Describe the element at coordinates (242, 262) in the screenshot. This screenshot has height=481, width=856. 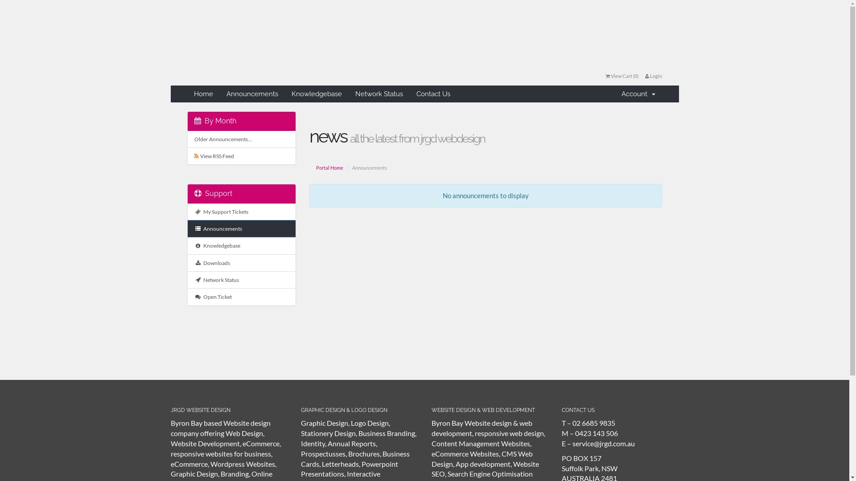
I see `'  Downloads'` at that location.